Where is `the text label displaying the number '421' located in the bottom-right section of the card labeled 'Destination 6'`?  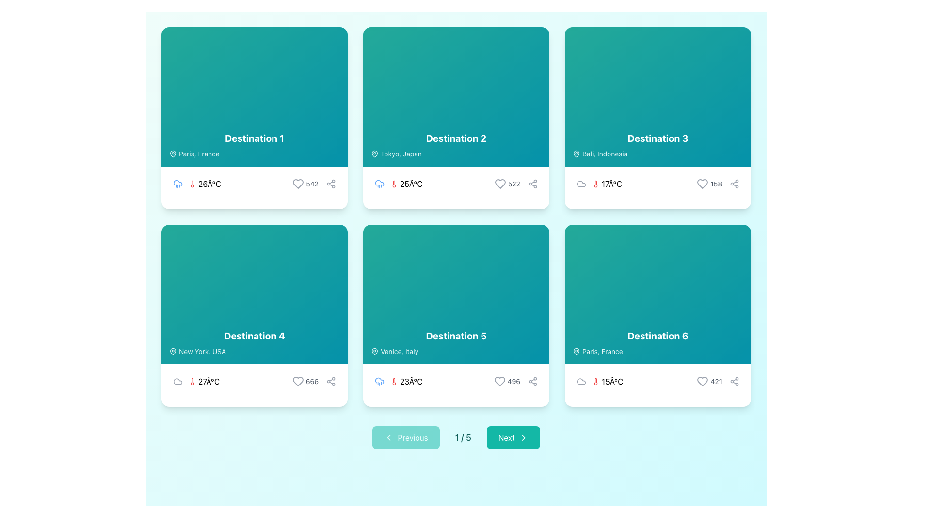
the text label displaying the number '421' located in the bottom-right section of the card labeled 'Destination 6' is located at coordinates (716, 381).